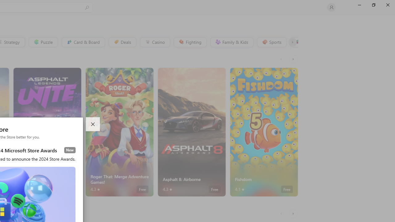 The image size is (395, 222). Describe the element at coordinates (281, 213) in the screenshot. I see `'AutomationID: LeftScrollButton'` at that location.